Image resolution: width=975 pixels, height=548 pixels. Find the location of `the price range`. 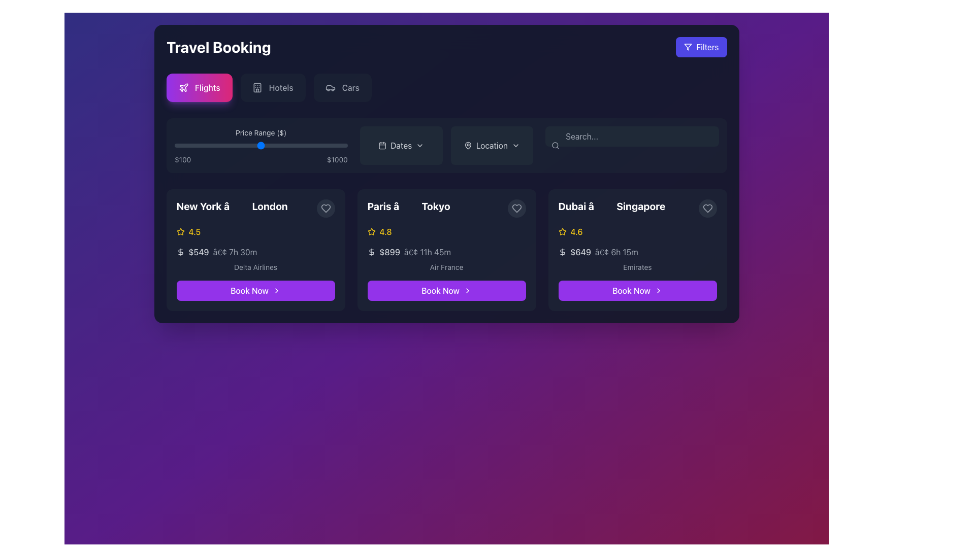

the price range is located at coordinates (288, 145).